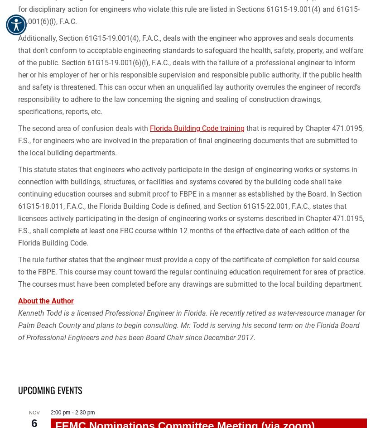 Image resolution: width=385 pixels, height=428 pixels. What do you see at coordinates (84, 412) in the screenshot?
I see `'2:30 pm'` at bounding box center [84, 412].